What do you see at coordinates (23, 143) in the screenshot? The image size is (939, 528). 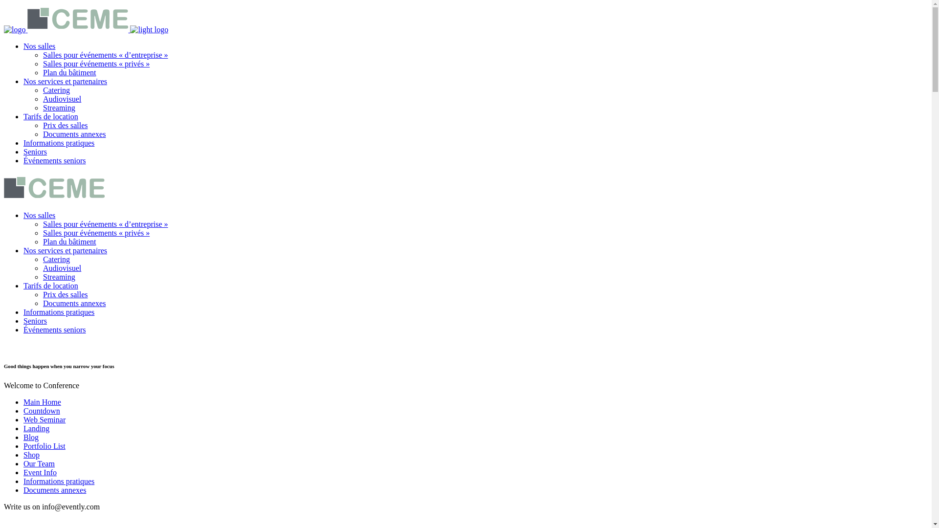 I see `'Informations pratiques'` at bounding box center [23, 143].